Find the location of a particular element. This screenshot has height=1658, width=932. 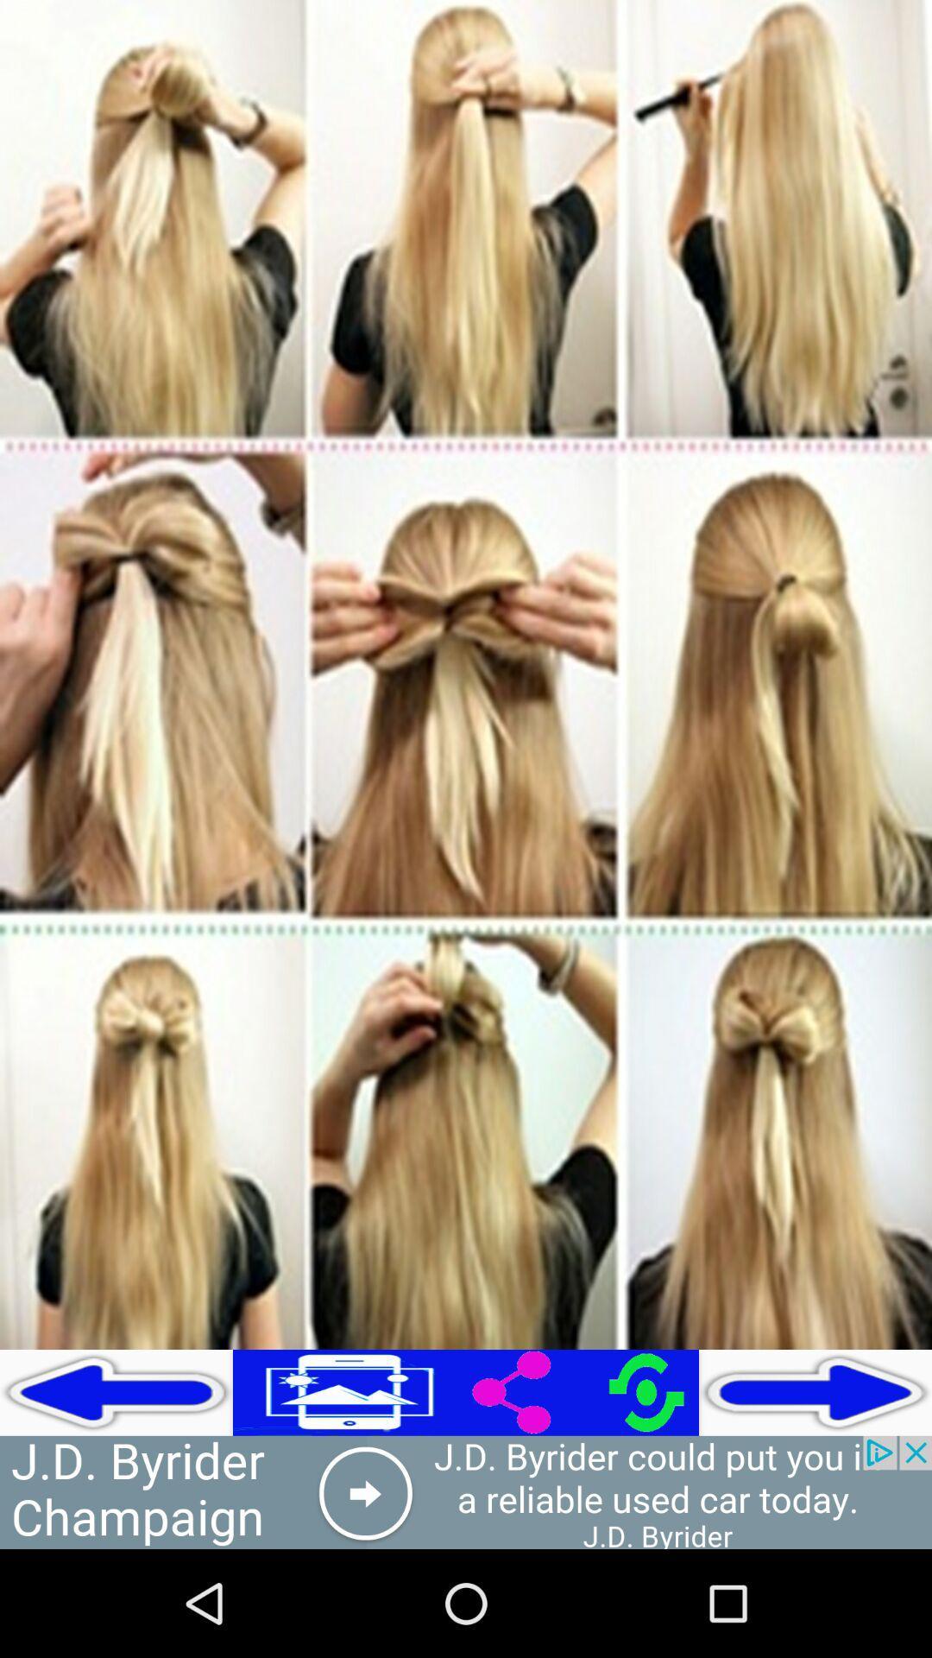

share and rotation option is located at coordinates (582, 1392).